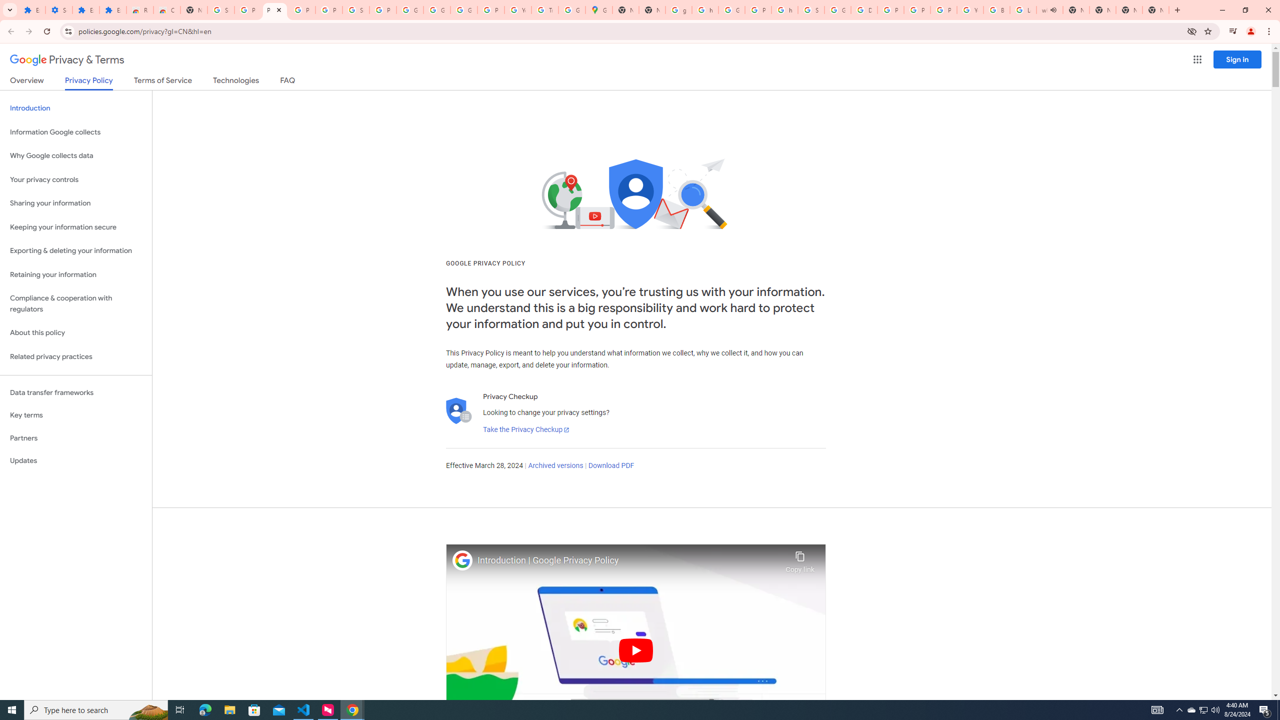 This screenshot has width=1280, height=720. What do you see at coordinates (75, 392) in the screenshot?
I see `'Data transfer frameworks'` at bounding box center [75, 392].